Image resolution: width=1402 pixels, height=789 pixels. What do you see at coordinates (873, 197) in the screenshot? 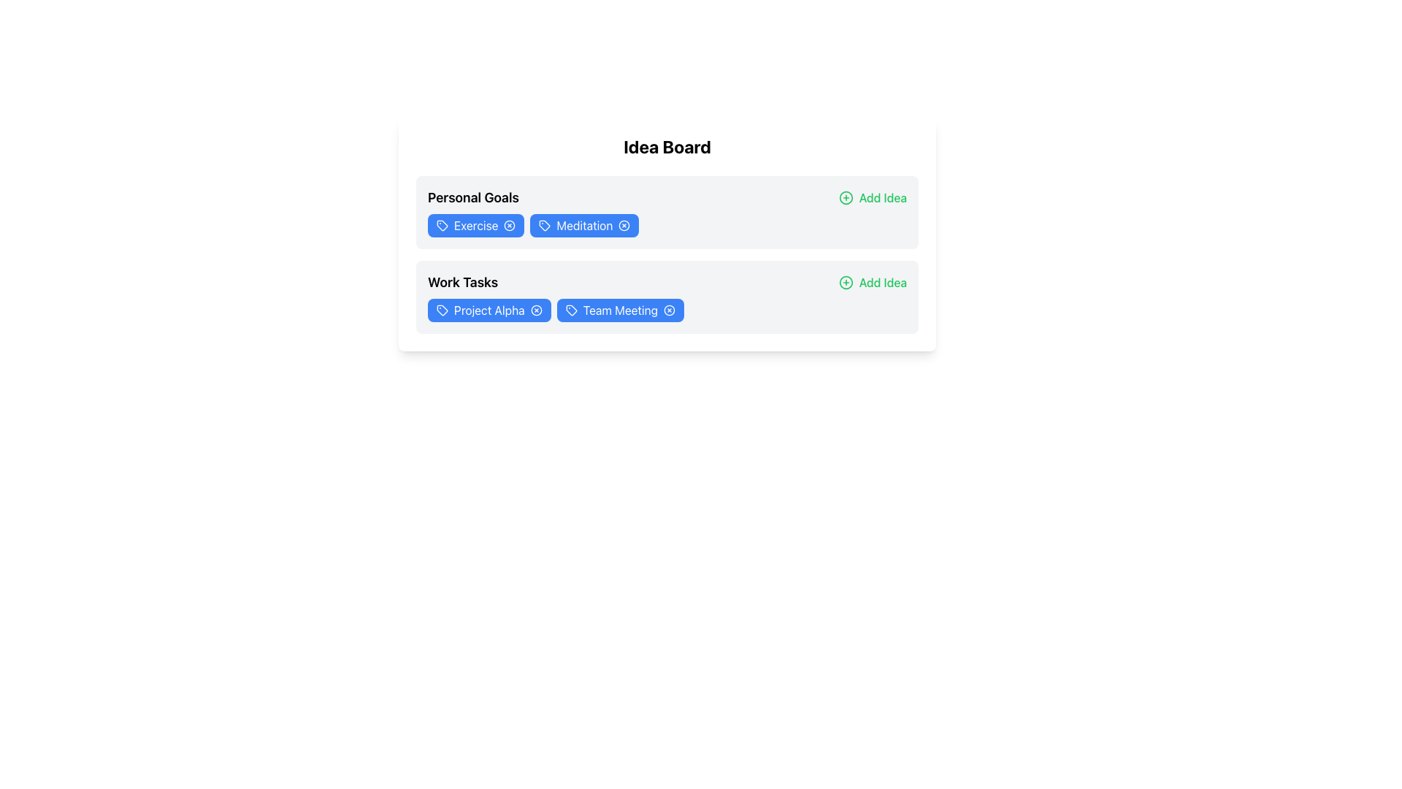
I see `the interactive button located in the top-right section of the 'Personal Goals' panel` at bounding box center [873, 197].